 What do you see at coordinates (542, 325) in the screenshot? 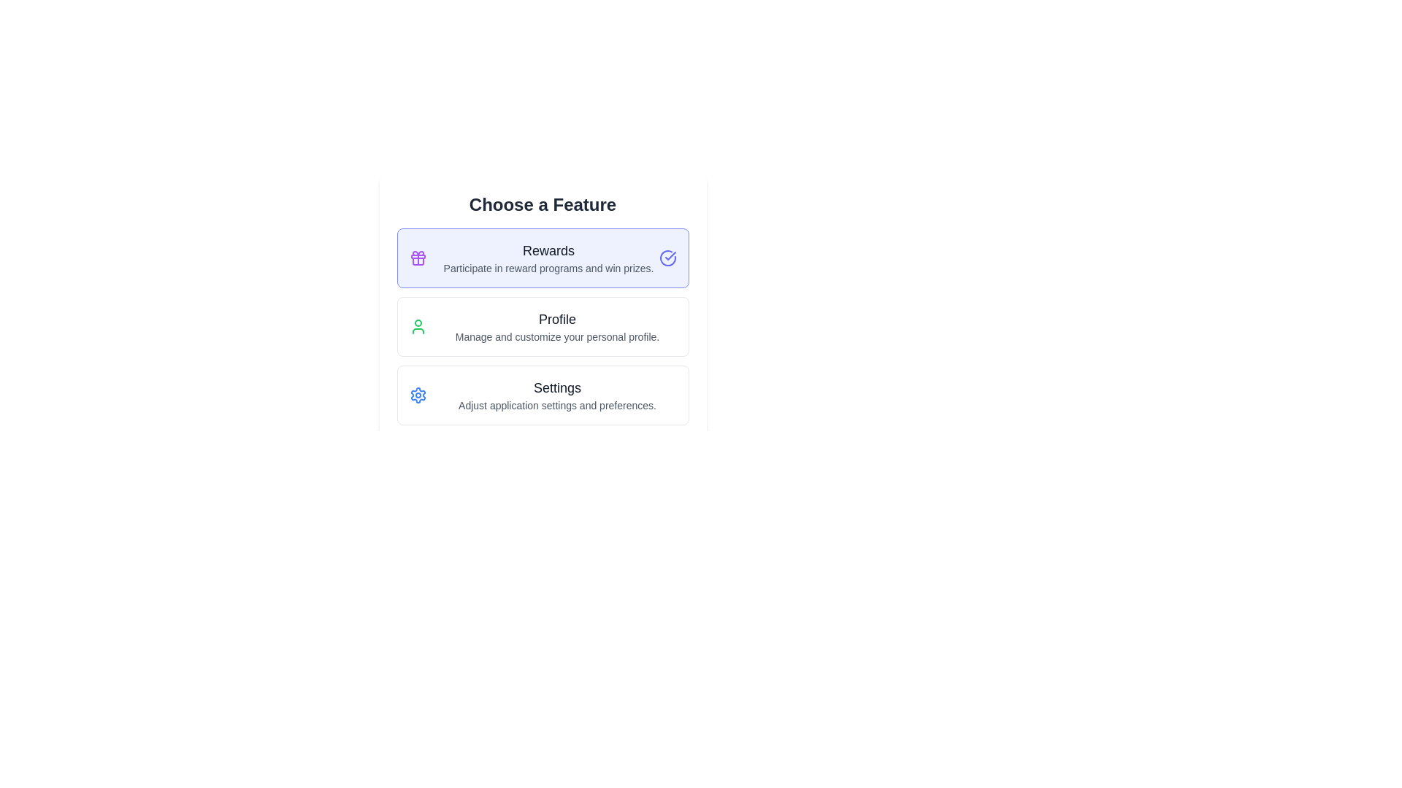
I see `the second interactive card in the vertical column for profile management` at bounding box center [542, 325].